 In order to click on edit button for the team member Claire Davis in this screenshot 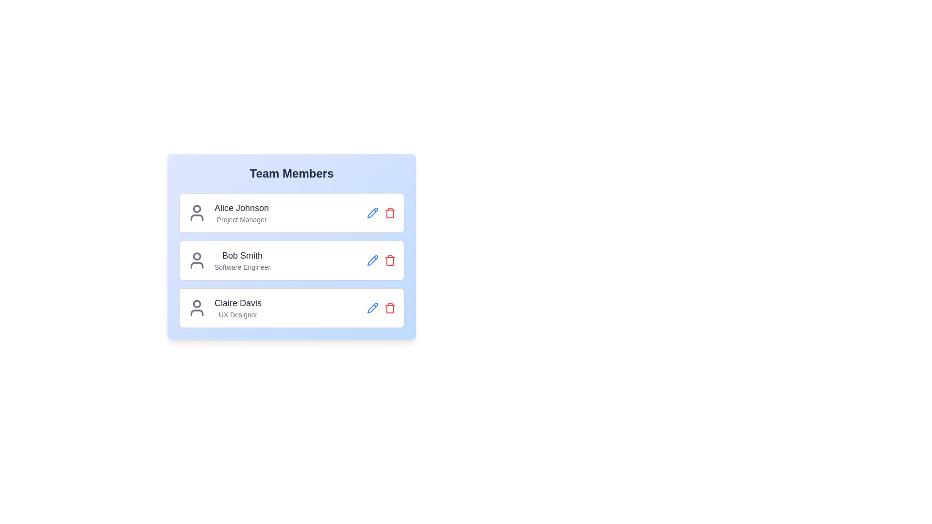, I will do `click(372, 308)`.